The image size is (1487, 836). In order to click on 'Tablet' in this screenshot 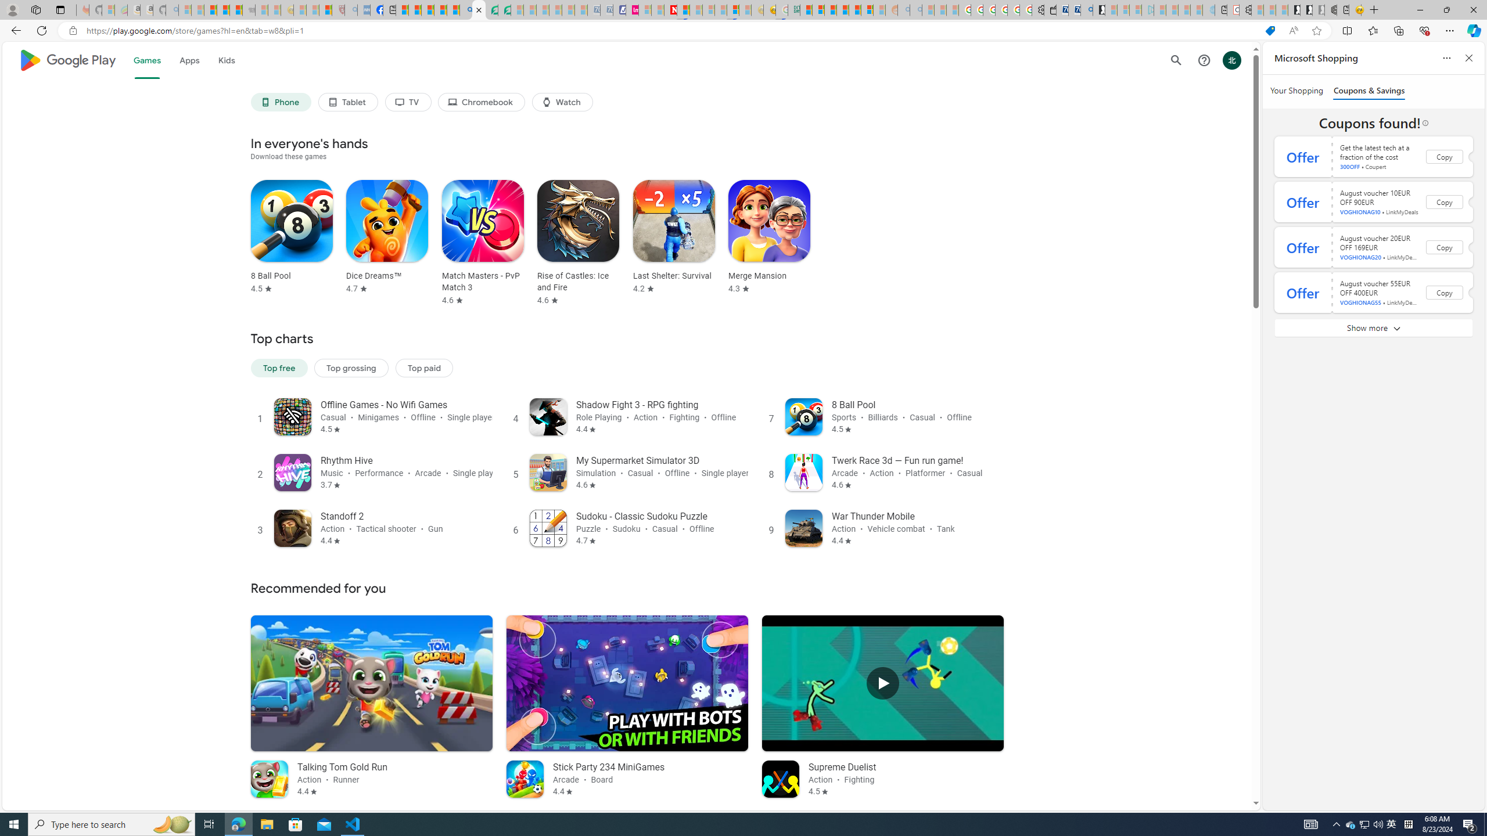, I will do `click(348, 102)`.